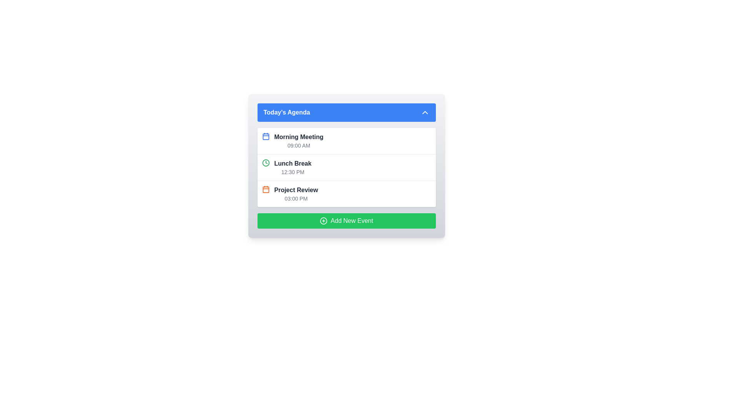 The height and width of the screenshot is (415, 738). Describe the element at coordinates (266, 167) in the screenshot. I see `the circular green clock icon, which is the first visual component in the list item labeled 'Lunch Break 12:30 PM' within 'Today's Agenda'` at that location.